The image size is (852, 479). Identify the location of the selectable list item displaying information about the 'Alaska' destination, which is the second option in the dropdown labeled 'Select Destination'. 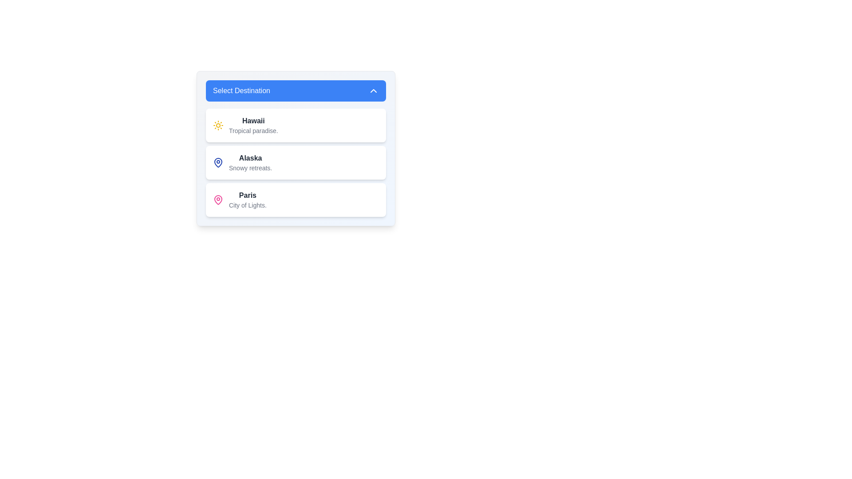
(296, 148).